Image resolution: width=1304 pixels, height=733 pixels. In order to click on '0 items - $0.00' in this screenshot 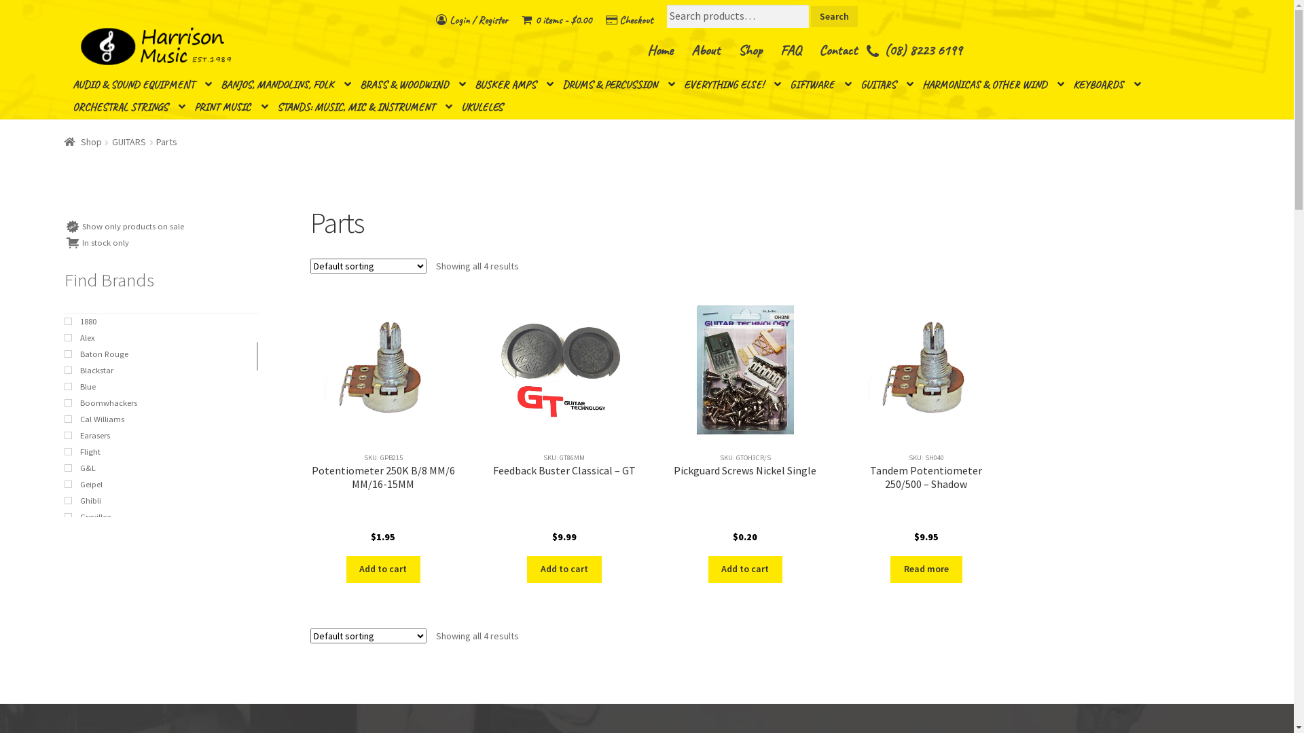, I will do `click(556, 20)`.